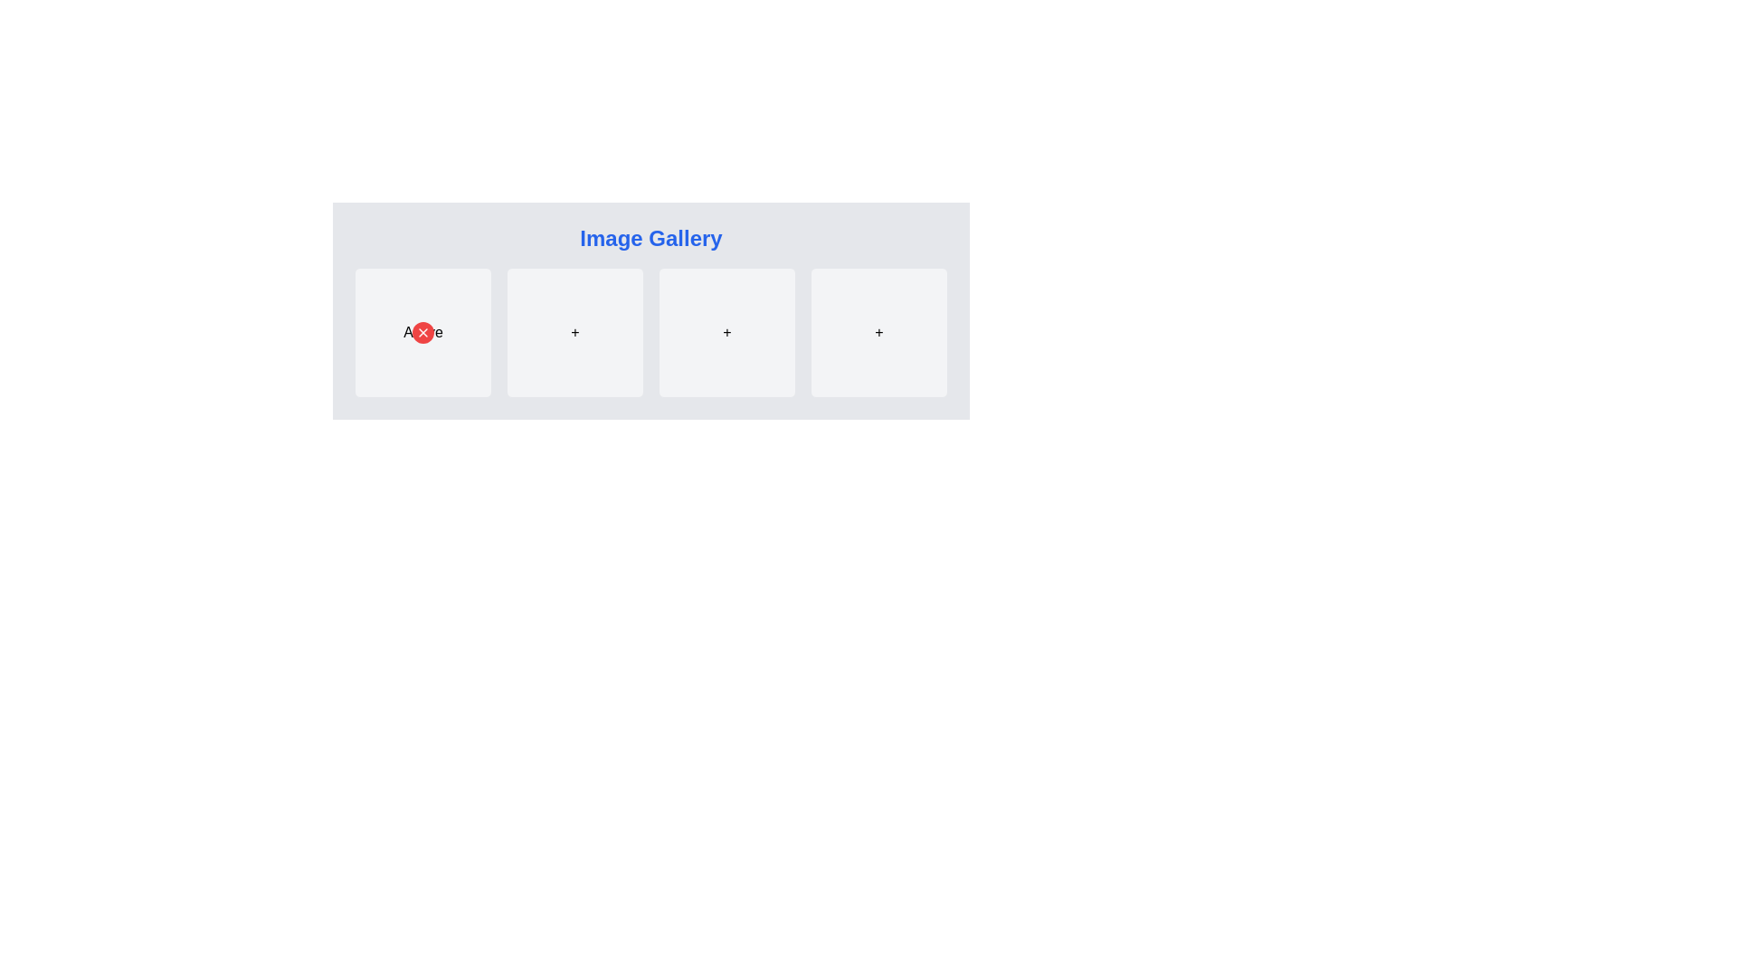 The height and width of the screenshot is (977, 1737). What do you see at coordinates (651, 309) in the screenshot?
I see `the second grid item in the Image Gallery grid layout` at bounding box center [651, 309].